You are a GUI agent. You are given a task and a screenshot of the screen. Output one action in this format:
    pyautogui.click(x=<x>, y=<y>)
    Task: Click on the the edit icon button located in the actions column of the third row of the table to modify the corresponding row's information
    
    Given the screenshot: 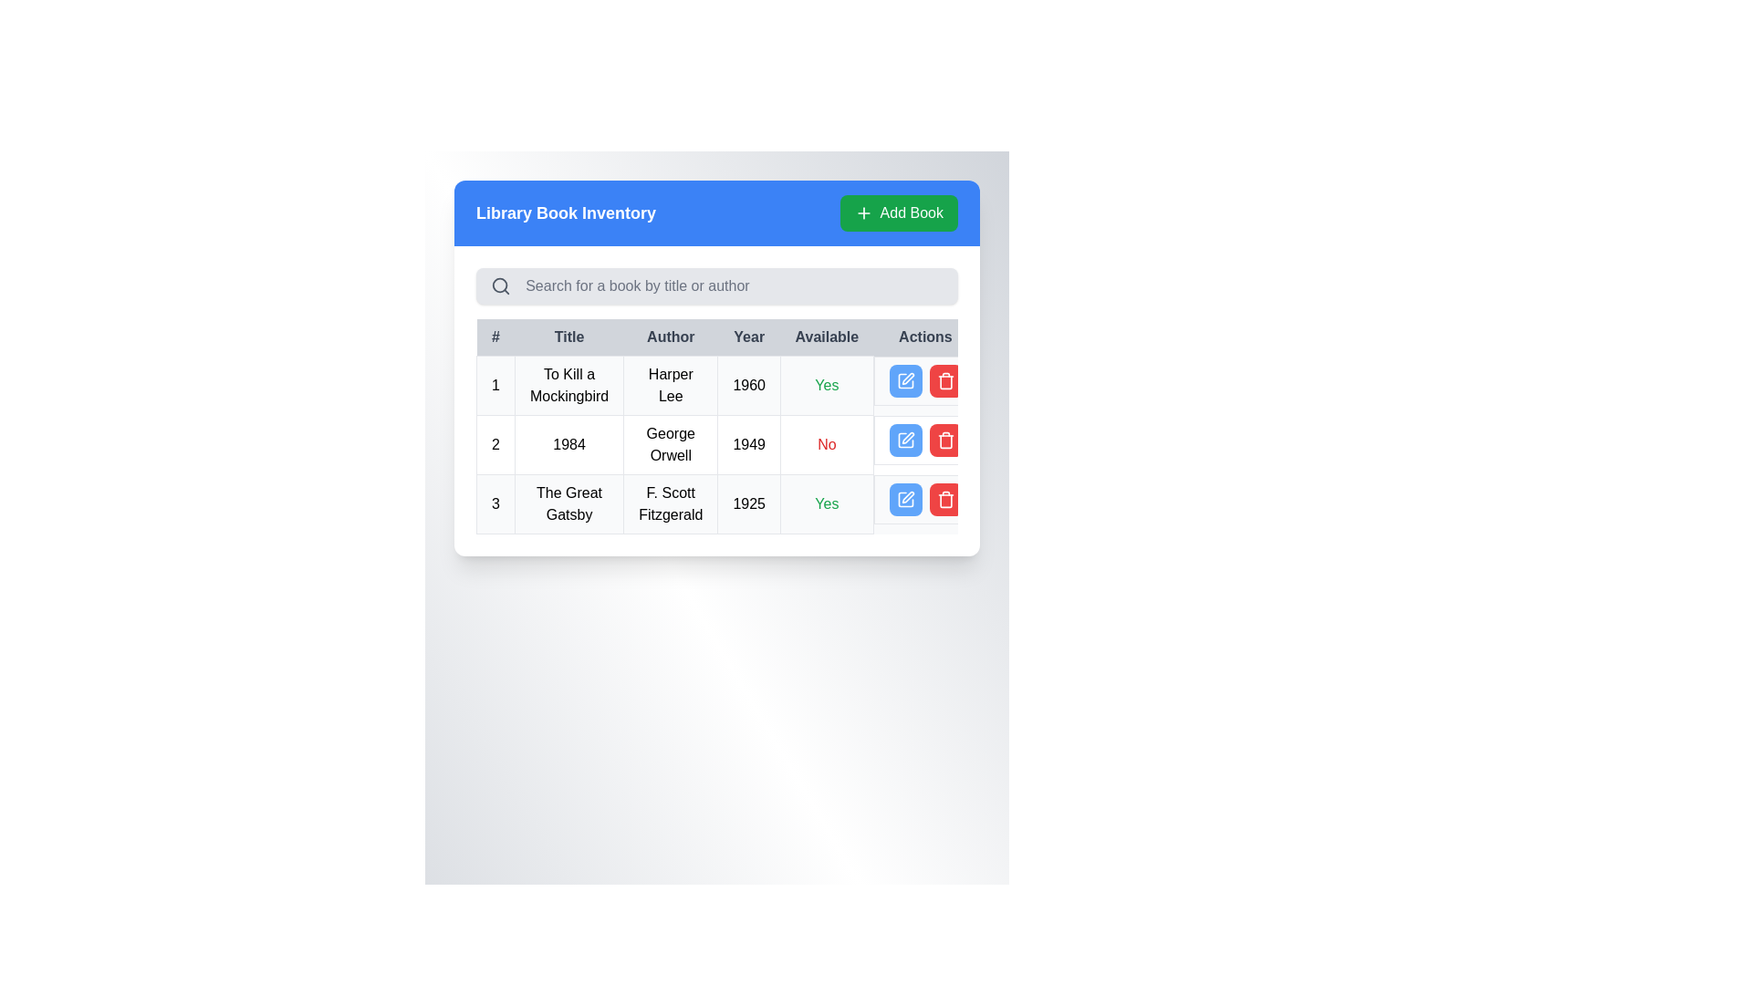 What is the action you would take?
    pyautogui.click(x=905, y=379)
    